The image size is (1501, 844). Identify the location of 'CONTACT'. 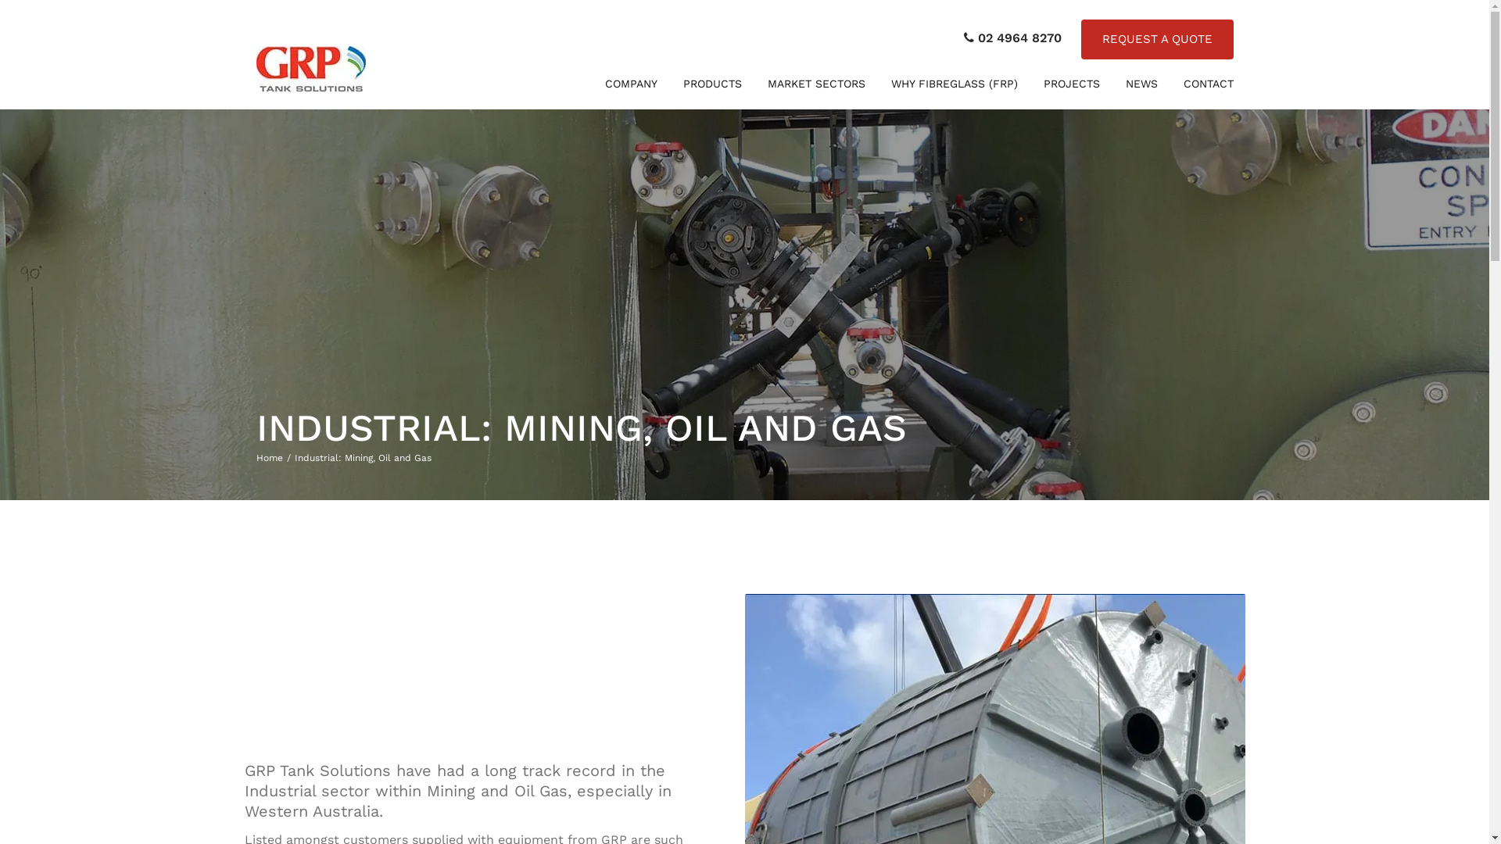
(1207, 84).